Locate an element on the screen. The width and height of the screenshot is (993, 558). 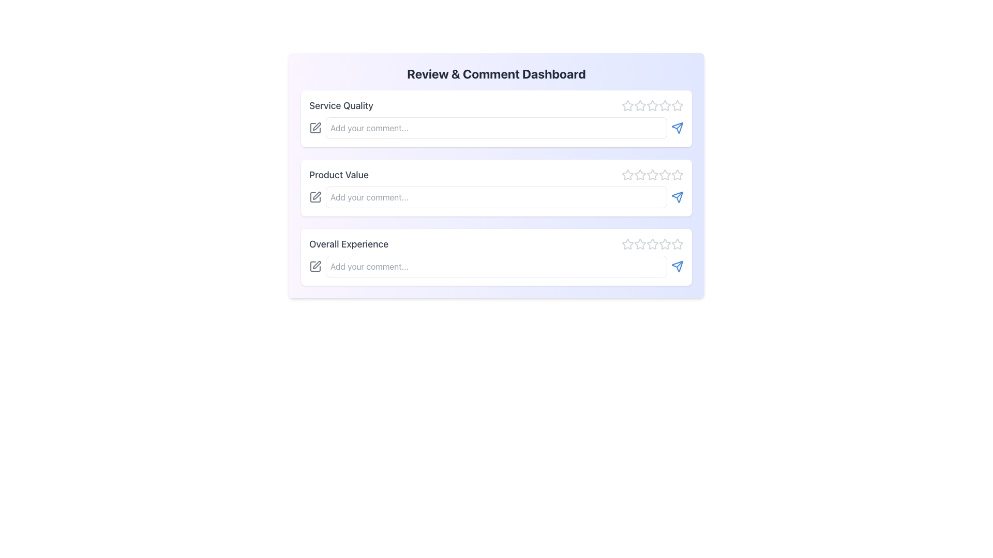
the submit button located at the far right of the 'Overall Experience' input field is located at coordinates (678, 266).